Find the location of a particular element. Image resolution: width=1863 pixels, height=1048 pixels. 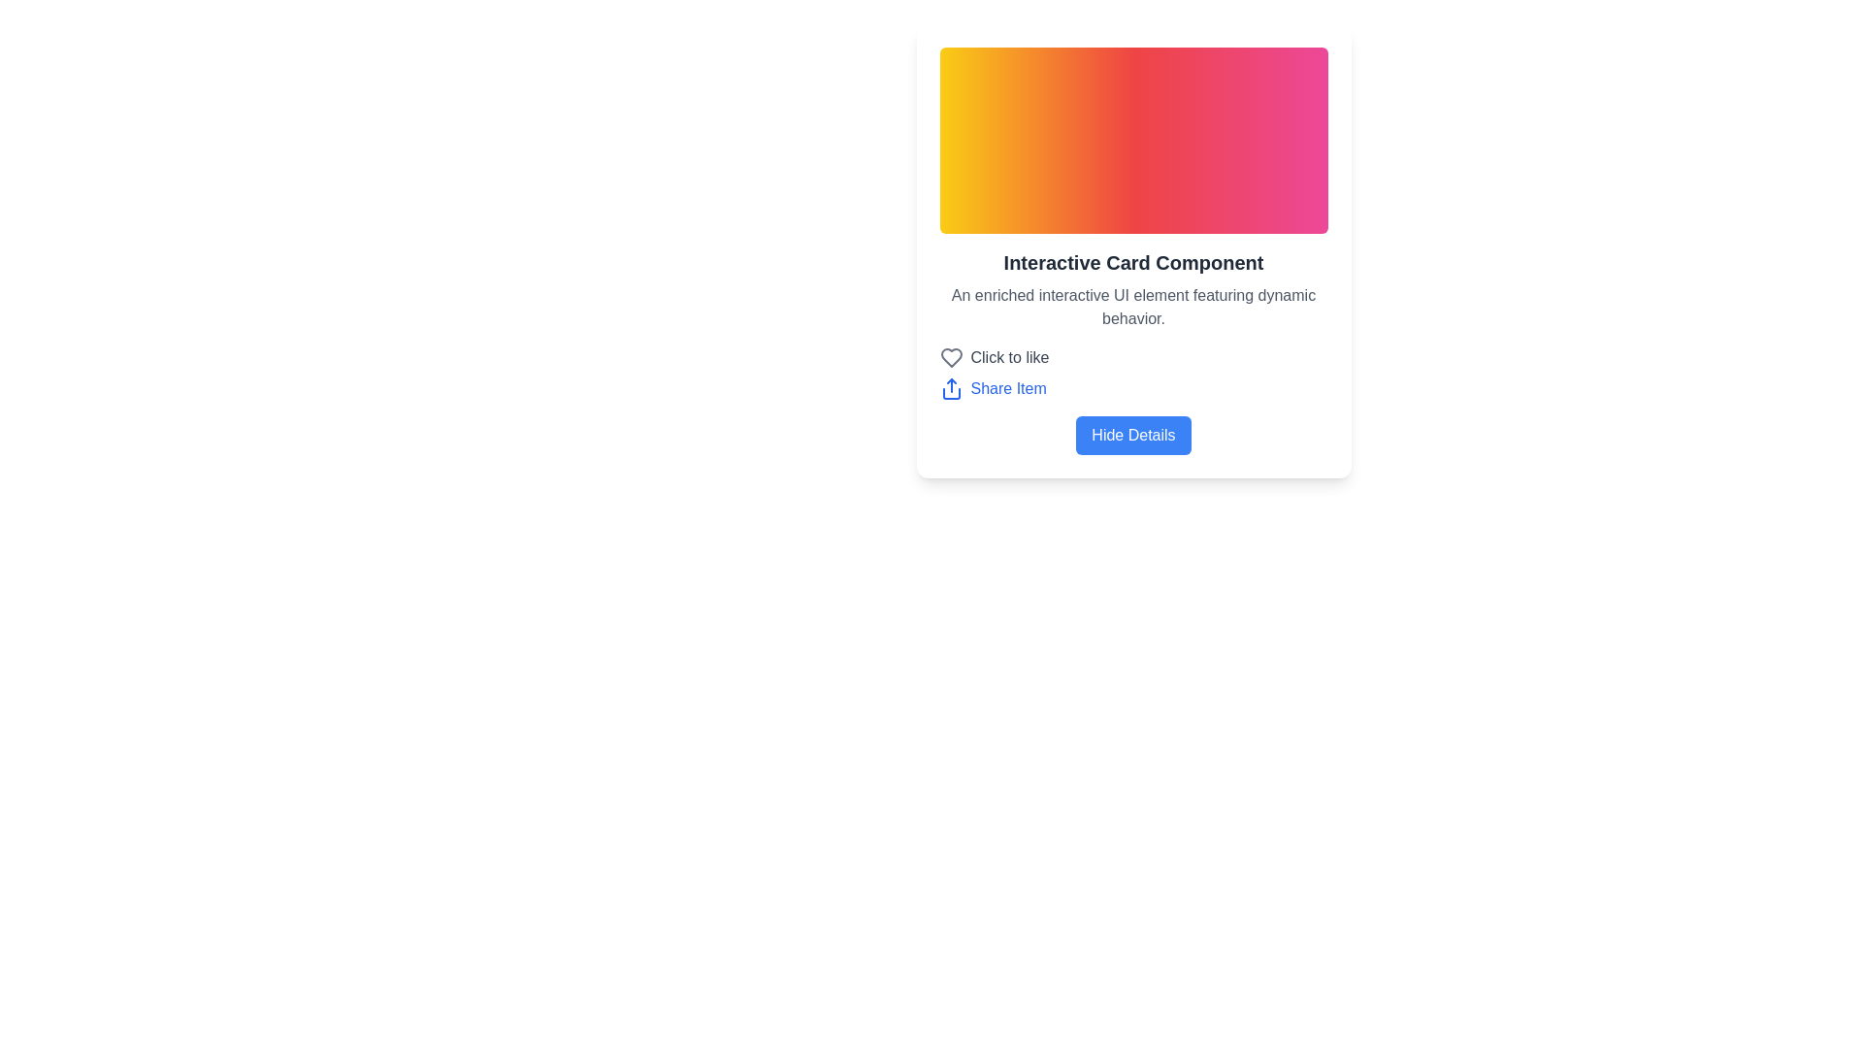

the likes icon located to the left of the 'Click to like' text at the bottom section of the card component is located at coordinates (951, 358).